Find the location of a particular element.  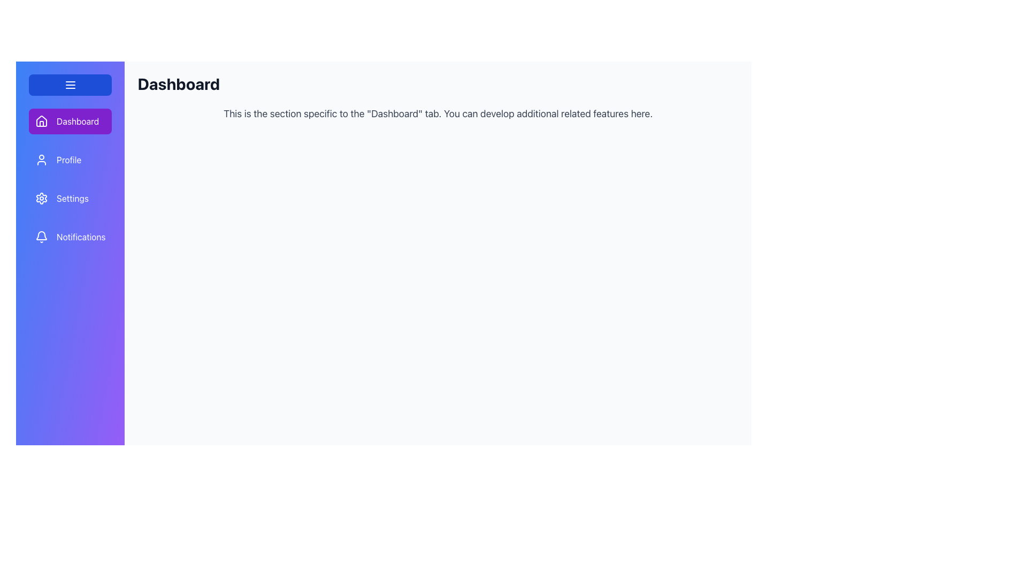

the 'Notifications' button, which is a horizontal menu item featuring a bell icon on the left and the text 'Notifications' to its right, located in a gradient blue and purple sidebar, specifically positioned as the fourth item below 'Settings' is located at coordinates (70, 237).